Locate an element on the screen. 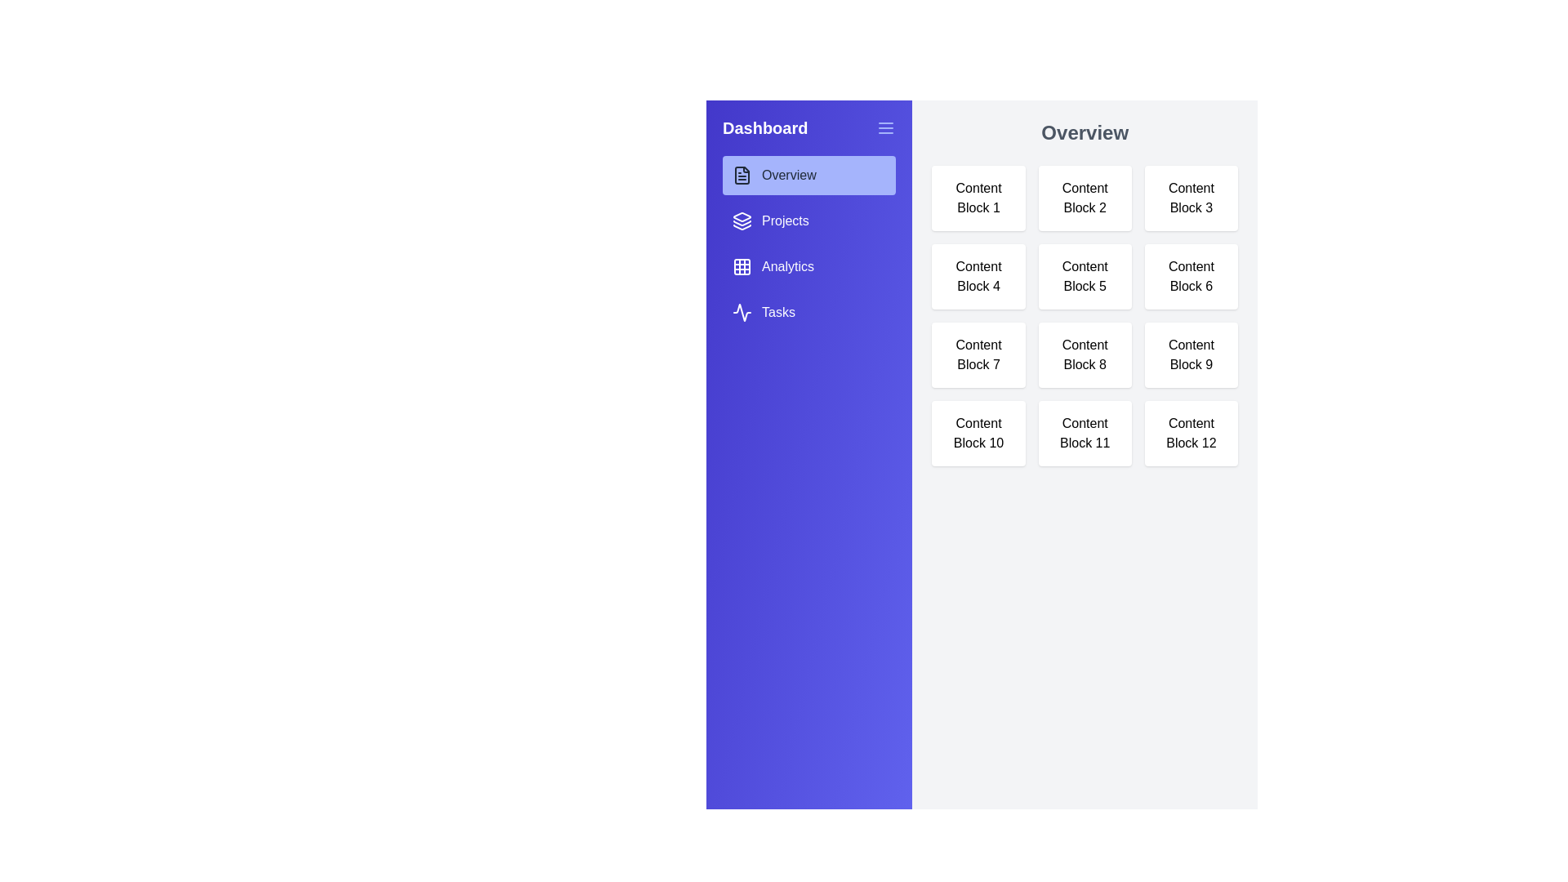  the tab Projects from the sidebar menu is located at coordinates (808, 220).